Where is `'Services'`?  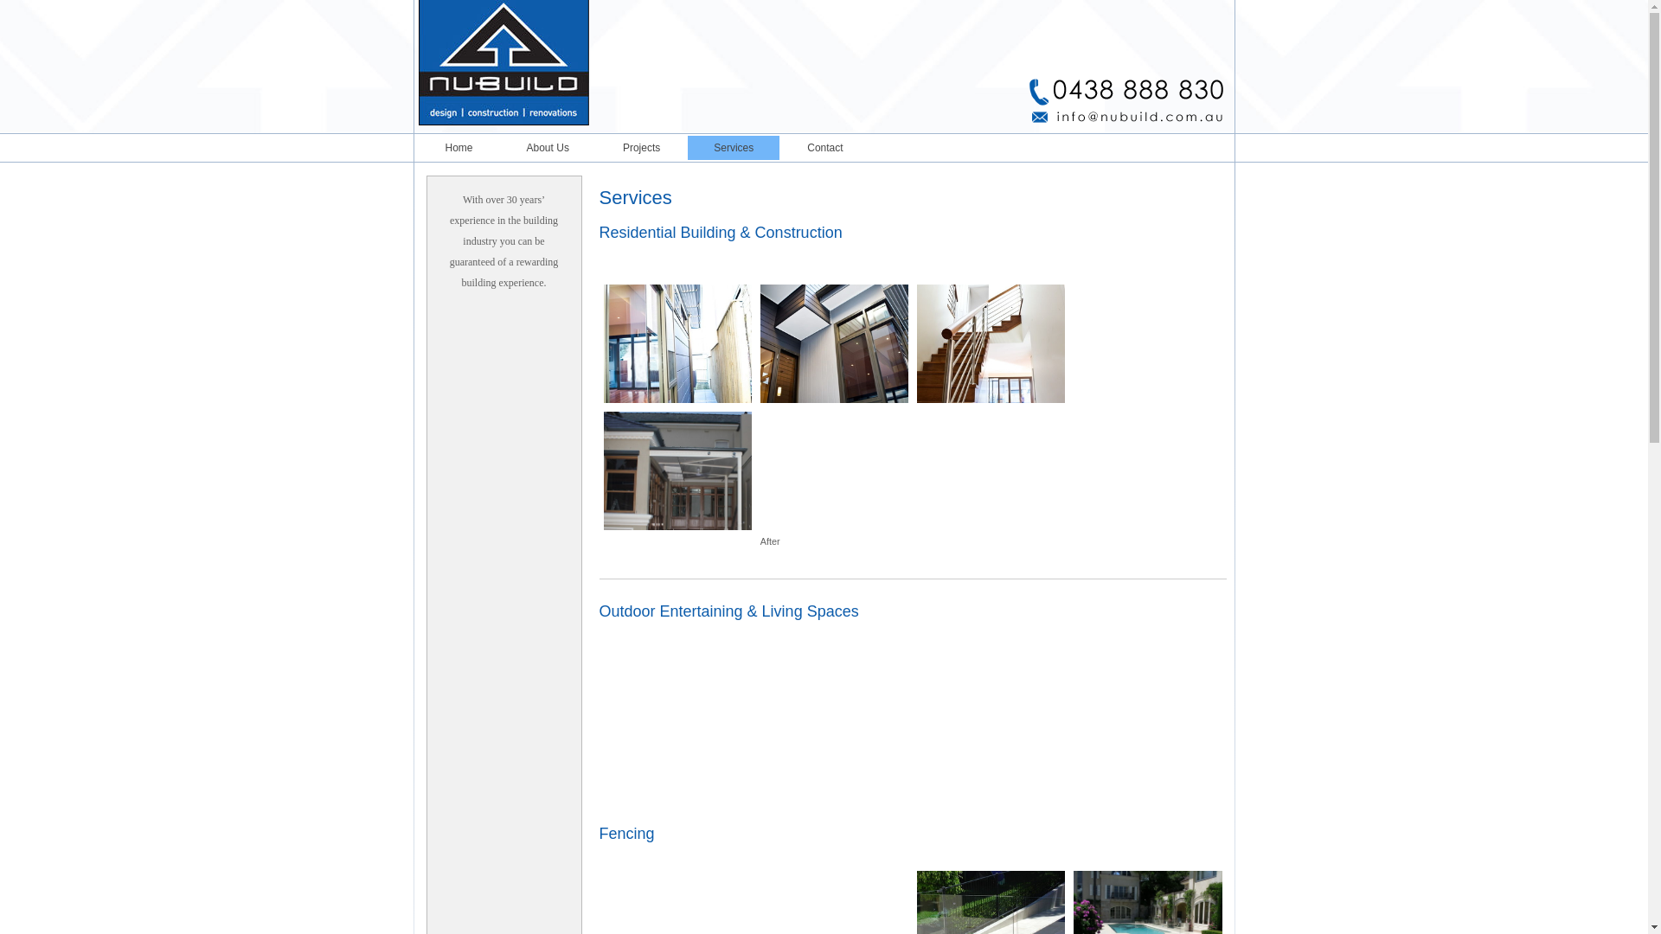 'Services' is located at coordinates (734, 146).